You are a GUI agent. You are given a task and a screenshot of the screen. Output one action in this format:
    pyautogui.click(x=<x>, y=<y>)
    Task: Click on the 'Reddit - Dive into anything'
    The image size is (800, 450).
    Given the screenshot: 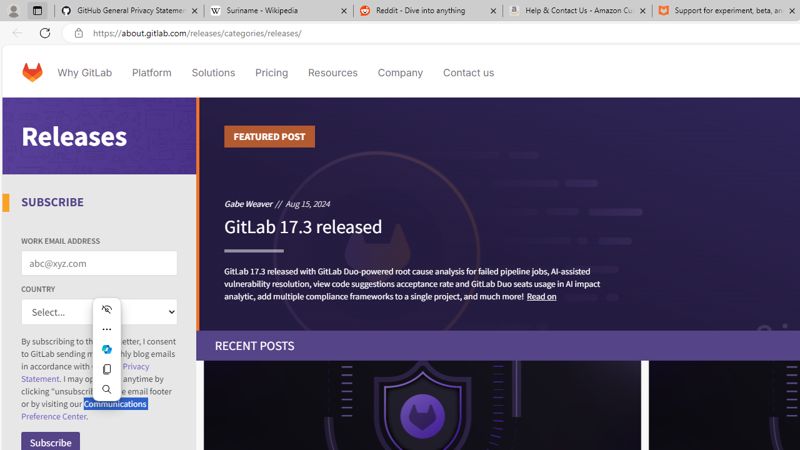 What is the action you would take?
    pyautogui.click(x=427, y=11)
    